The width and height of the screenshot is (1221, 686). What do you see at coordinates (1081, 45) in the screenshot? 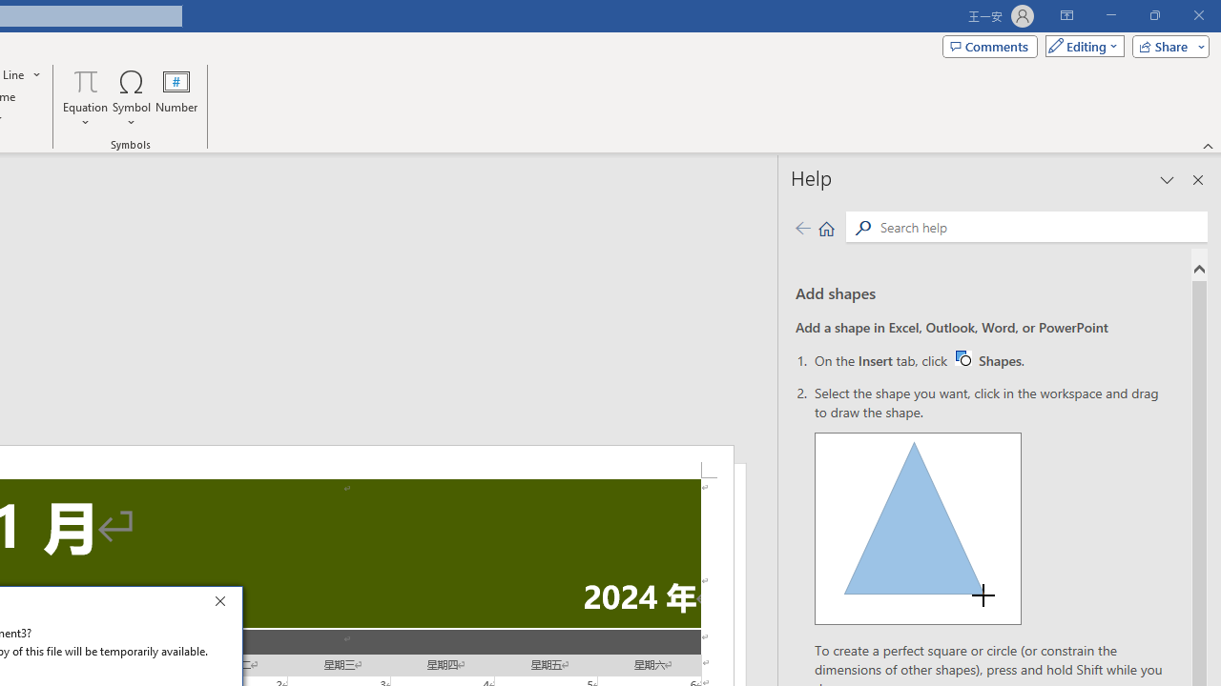
I see `'Mode'` at bounding box center [1081, 45].